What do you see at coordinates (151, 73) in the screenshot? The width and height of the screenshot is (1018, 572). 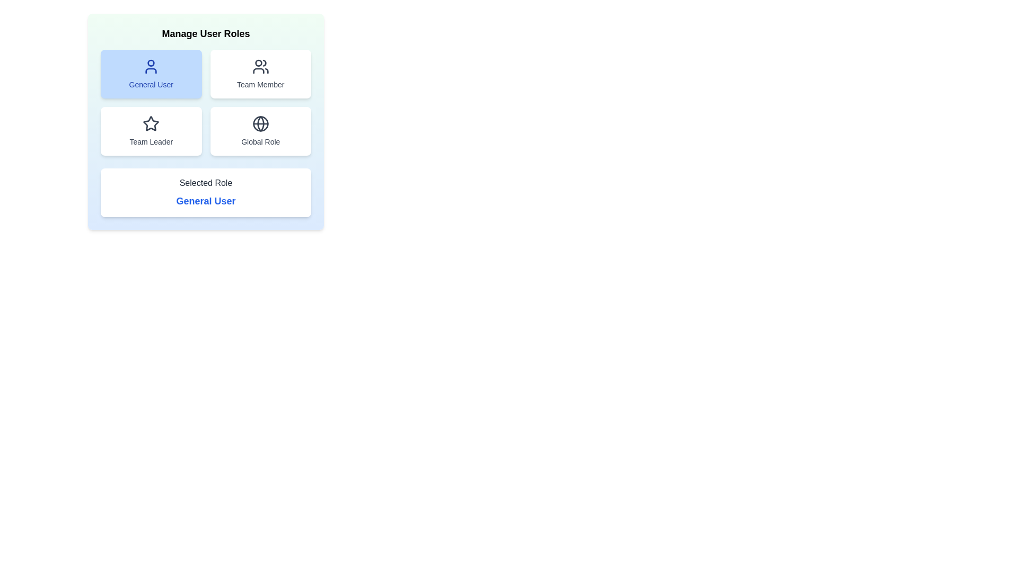 I see `the button labeled General User to observe its hover effect` at bounding box center [151, 73].